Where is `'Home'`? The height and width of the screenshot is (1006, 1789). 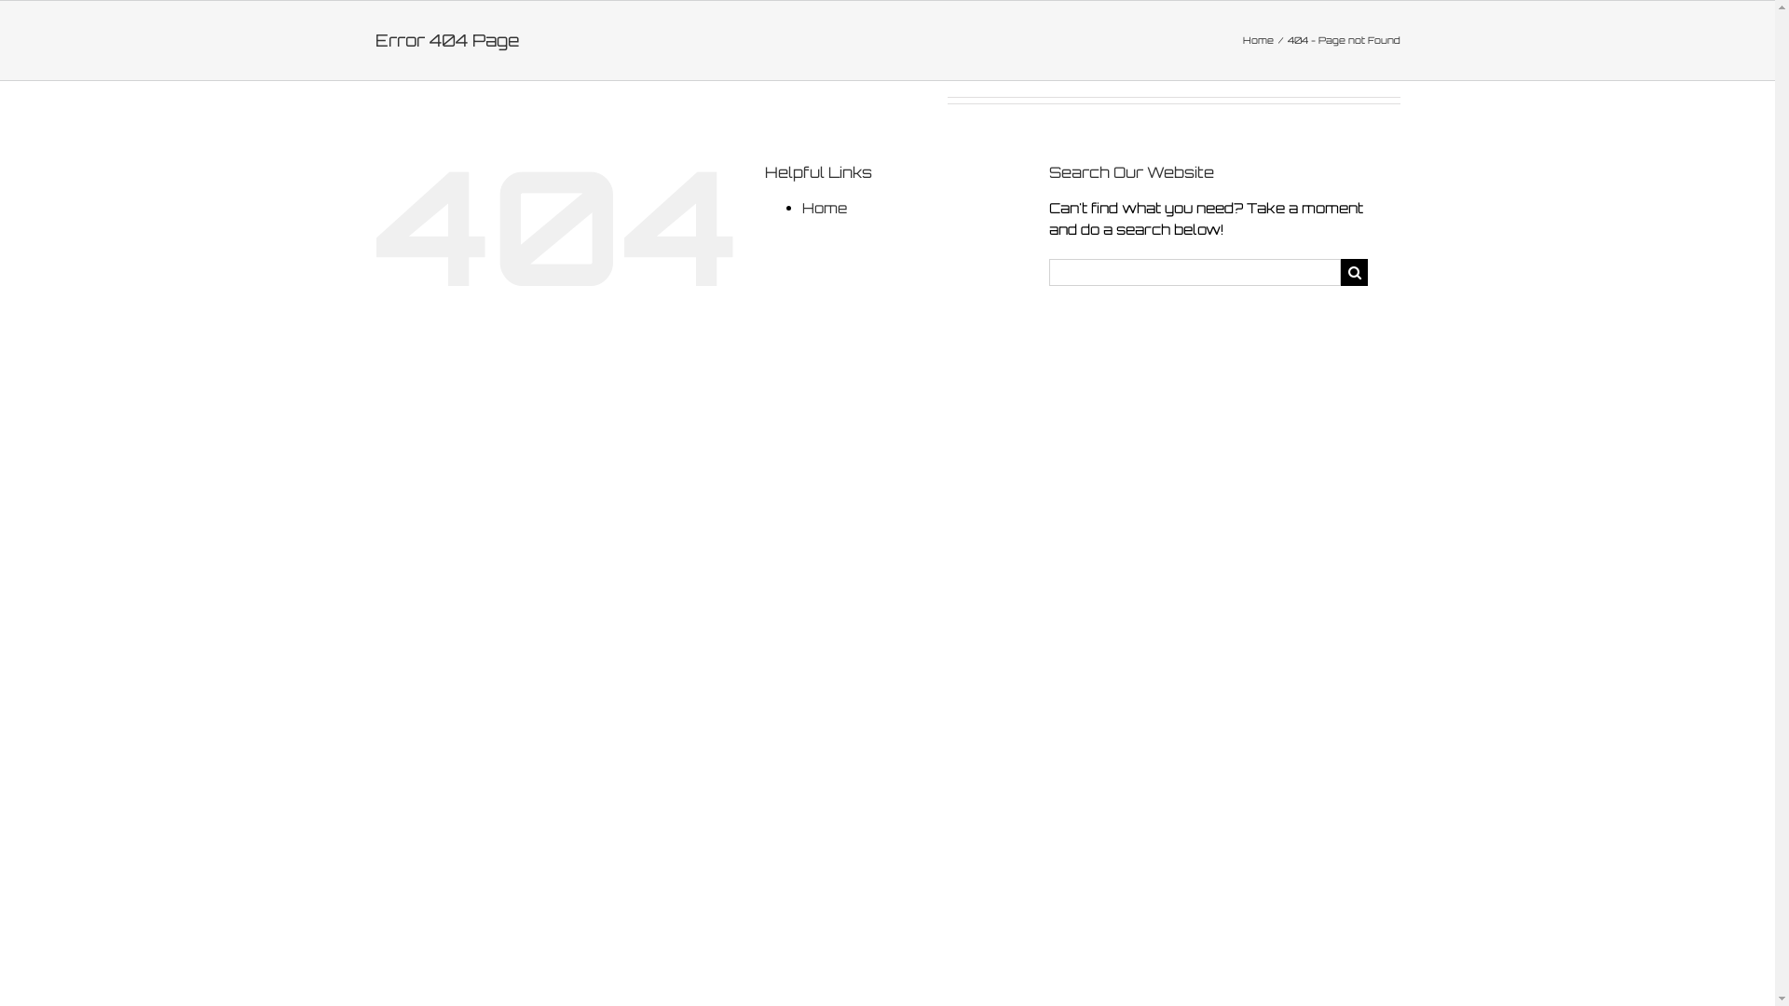 'Home' is located at coordinates (823, 208).